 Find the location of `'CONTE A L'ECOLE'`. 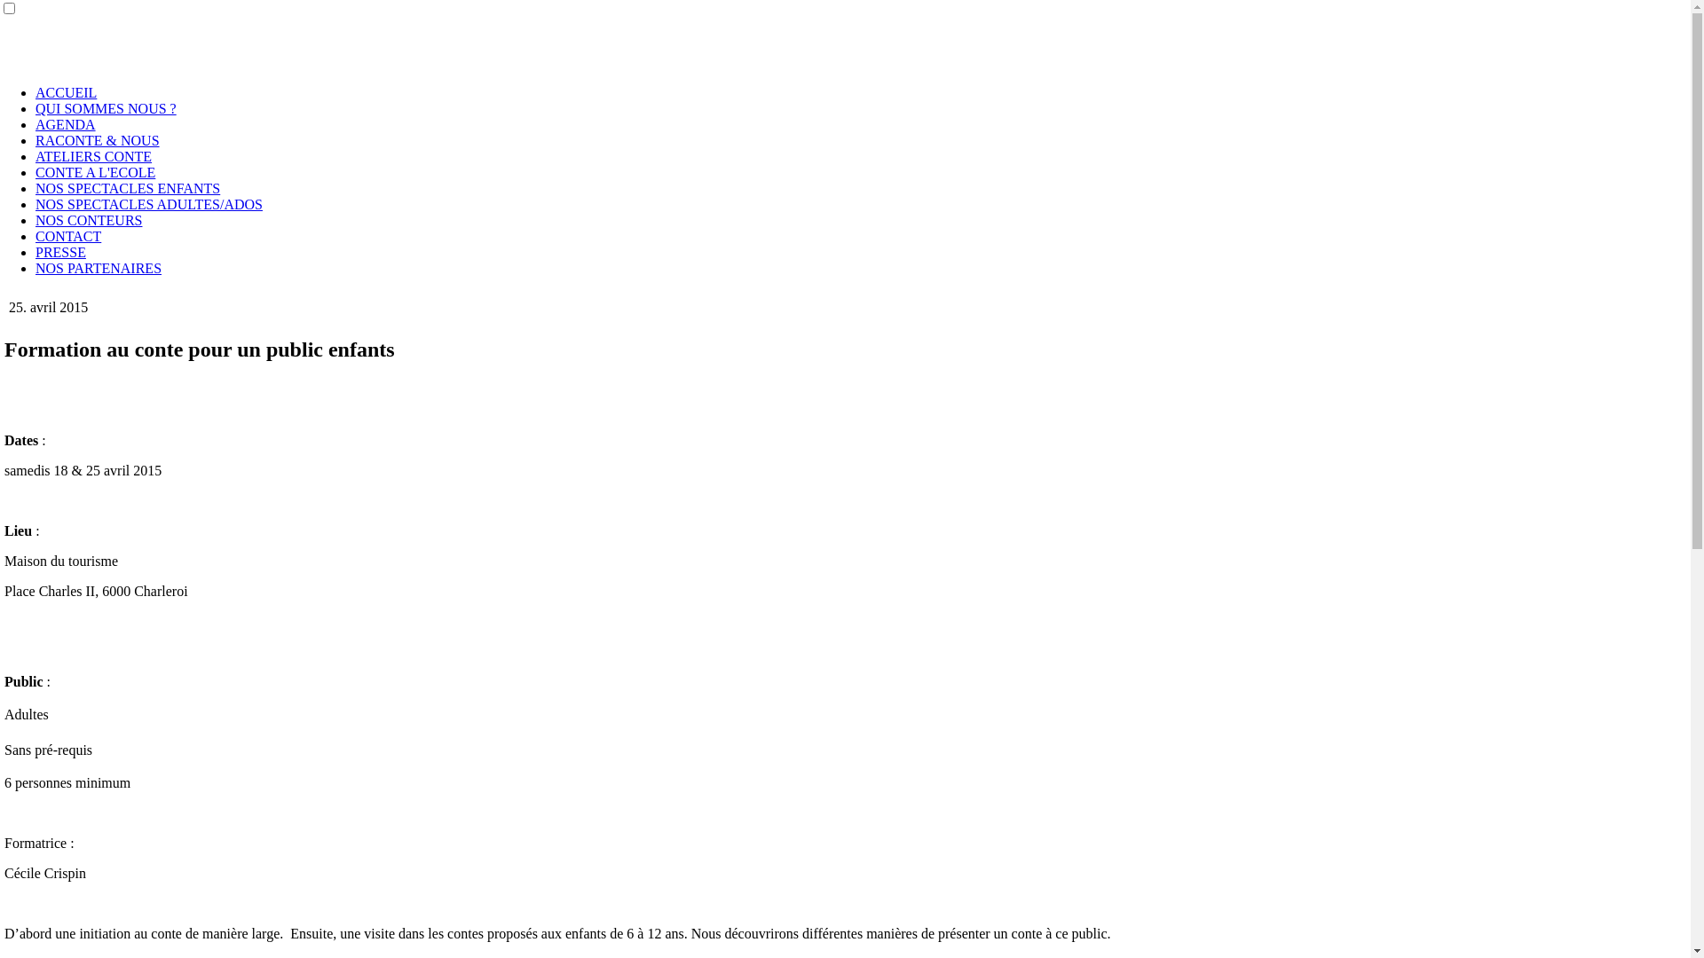

'CONTE A L'ECOLE' is located at coordinates (94, 172).